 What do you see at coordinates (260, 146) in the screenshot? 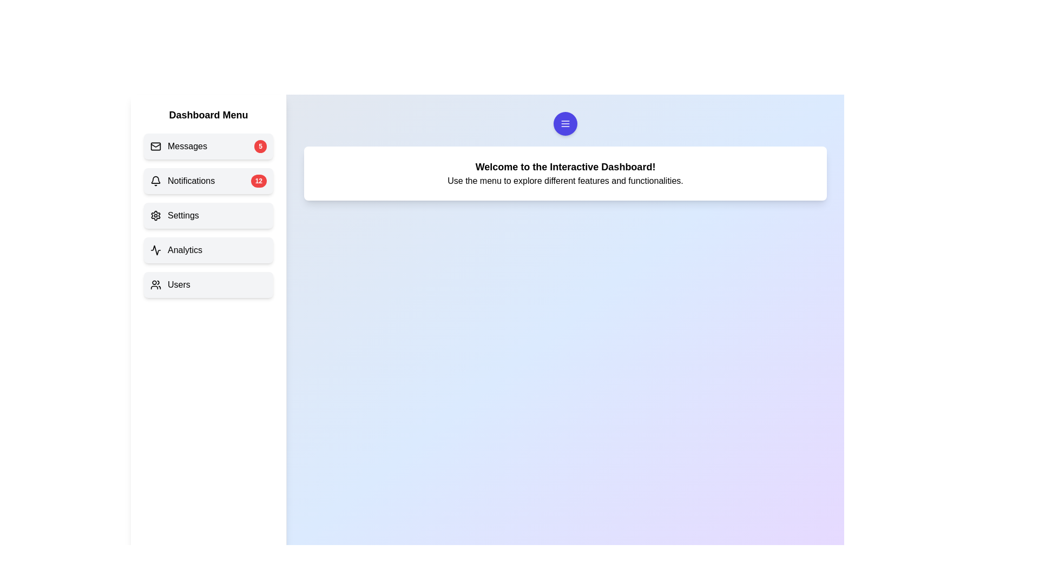
I see `the badge for Messages to acknowledge it` at bounding box center [260, 146].